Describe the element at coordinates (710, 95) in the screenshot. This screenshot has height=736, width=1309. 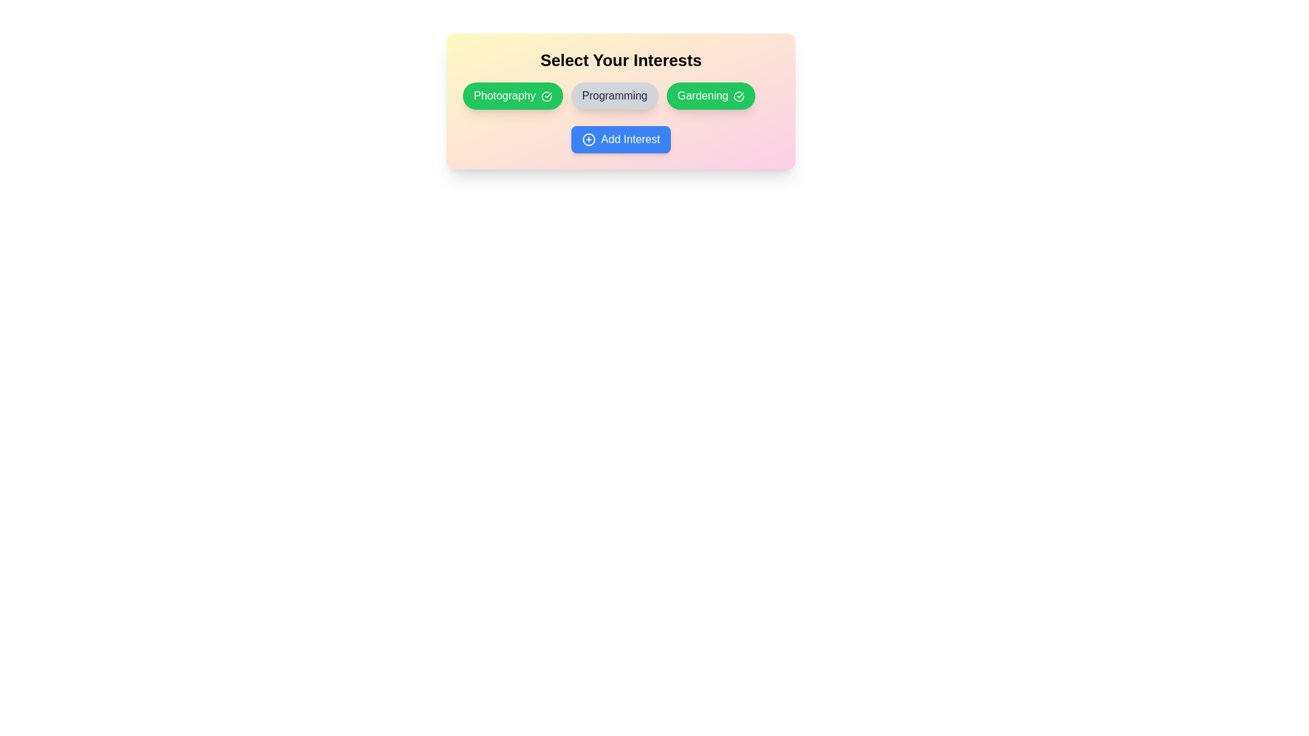
I see `the interest labeled Gardening to toggle its selection` at that location.